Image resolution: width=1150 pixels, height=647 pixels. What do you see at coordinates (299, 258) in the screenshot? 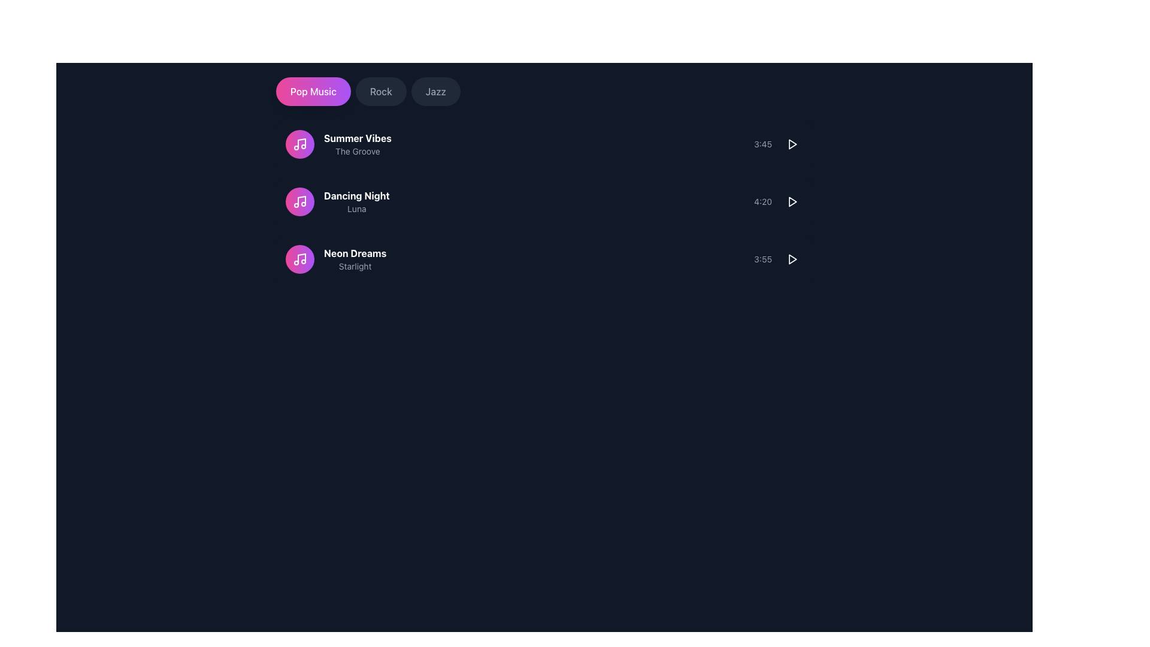
I see `the music note icon with a pink and purple gradient circular background, which is the first icon in the vertical list under the 'Pop Music' header` at bounding box center [299, 258].